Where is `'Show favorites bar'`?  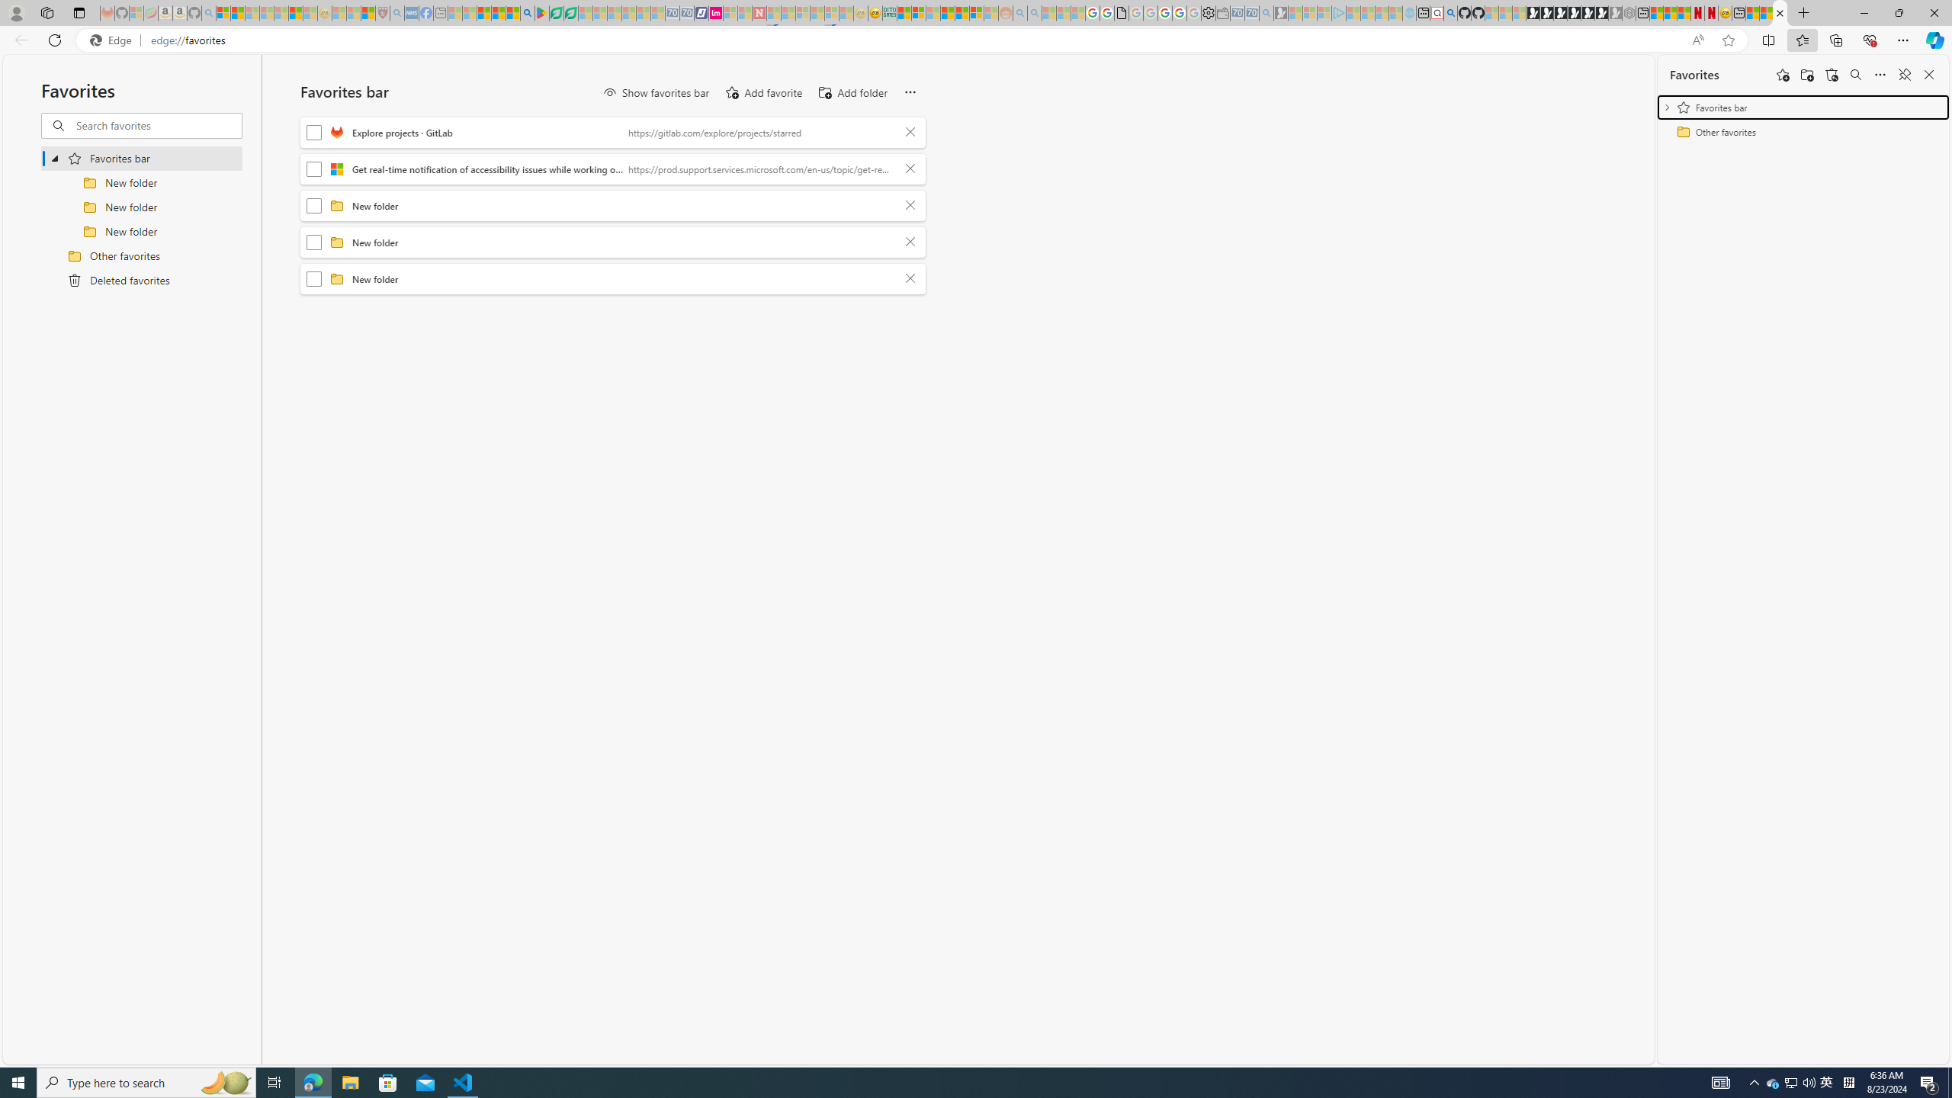
'Show favorites bar' is located at coordinates (656, 93).